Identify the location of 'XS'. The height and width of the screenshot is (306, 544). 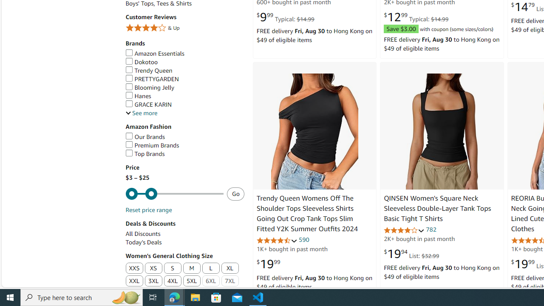
(153, 268).